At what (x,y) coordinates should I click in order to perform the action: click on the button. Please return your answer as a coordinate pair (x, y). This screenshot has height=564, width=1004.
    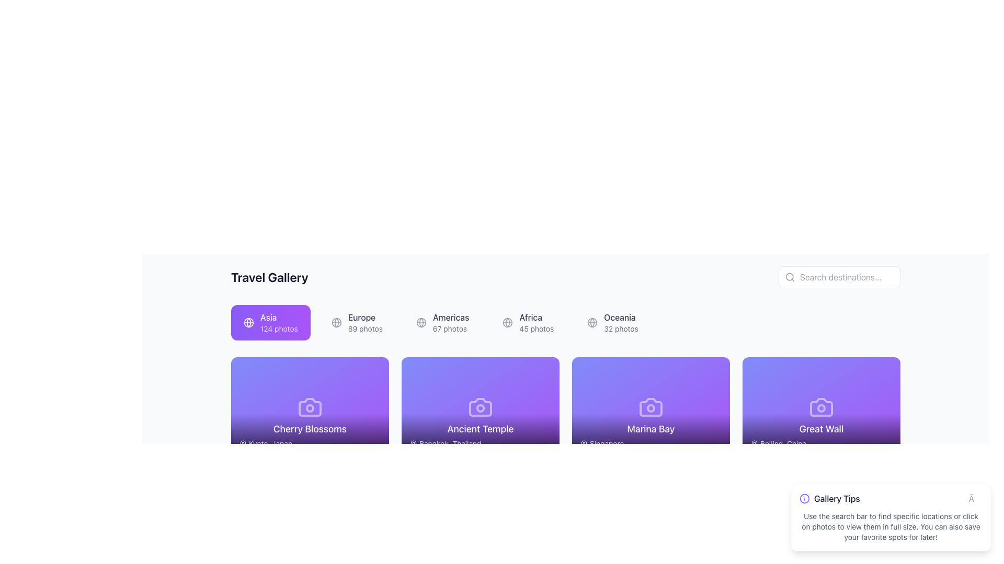
    Looking at the image, I should click on (442, 322).